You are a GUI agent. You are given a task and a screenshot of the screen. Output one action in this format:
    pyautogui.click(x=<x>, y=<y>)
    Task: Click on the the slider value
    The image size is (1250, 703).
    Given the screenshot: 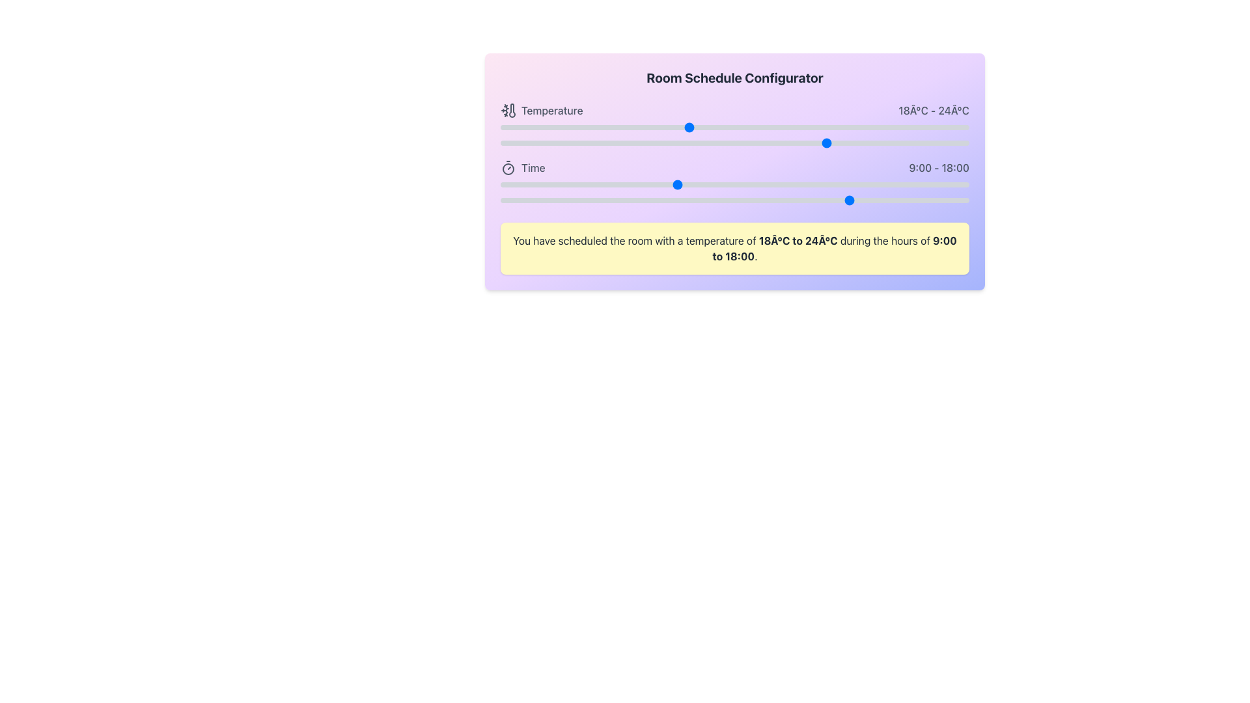 What is the action you would take?
    pyautogui.click(x=665, y=143)
    